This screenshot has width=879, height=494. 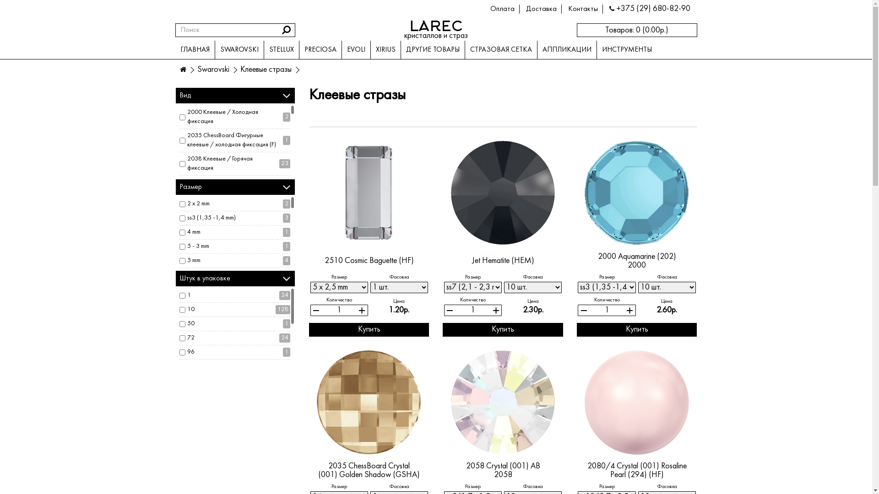 I want to click on '2058 Crystal (001) AB', so click(x=466, y=466).